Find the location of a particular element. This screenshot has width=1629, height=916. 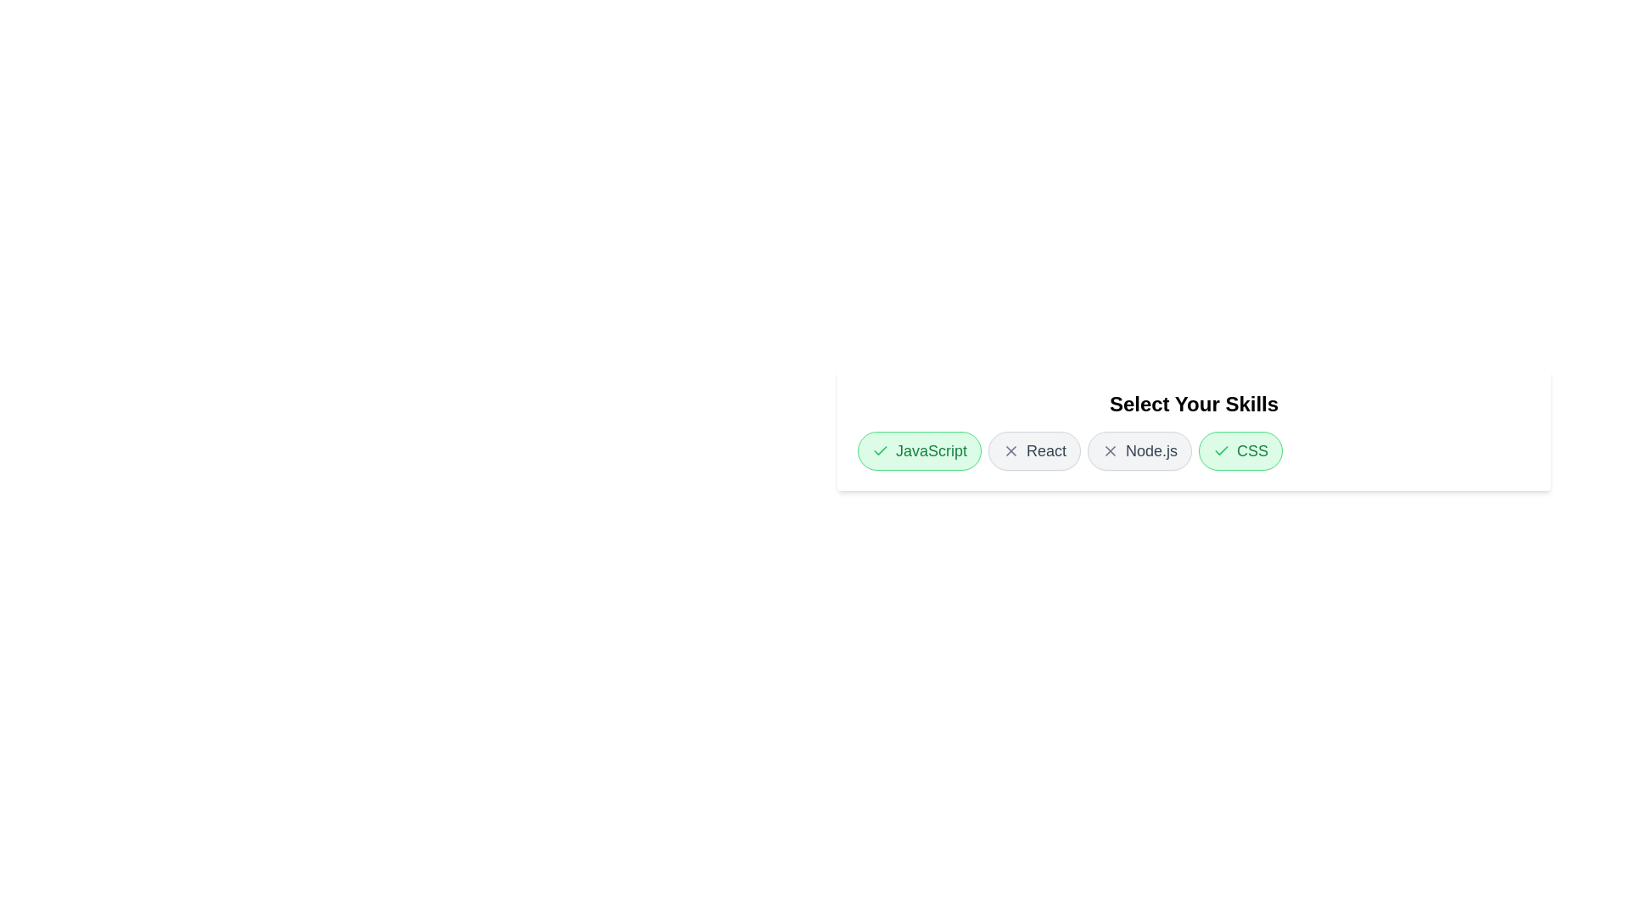

the skill chip labeled JavaScript is located at coordinates (919, 450).